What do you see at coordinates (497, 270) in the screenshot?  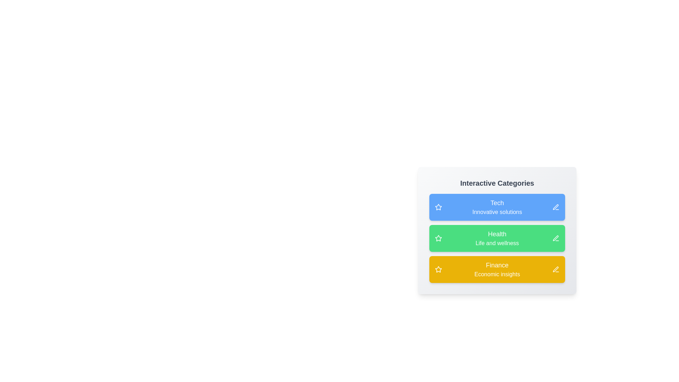 I see `the category Finance to toggle its active state` at bounding box center [497, 270].